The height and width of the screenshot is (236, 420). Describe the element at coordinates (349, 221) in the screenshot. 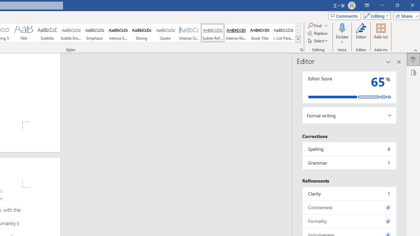

I see `'Formality, 0 issues. Press space or enter to review items.'` at that location.